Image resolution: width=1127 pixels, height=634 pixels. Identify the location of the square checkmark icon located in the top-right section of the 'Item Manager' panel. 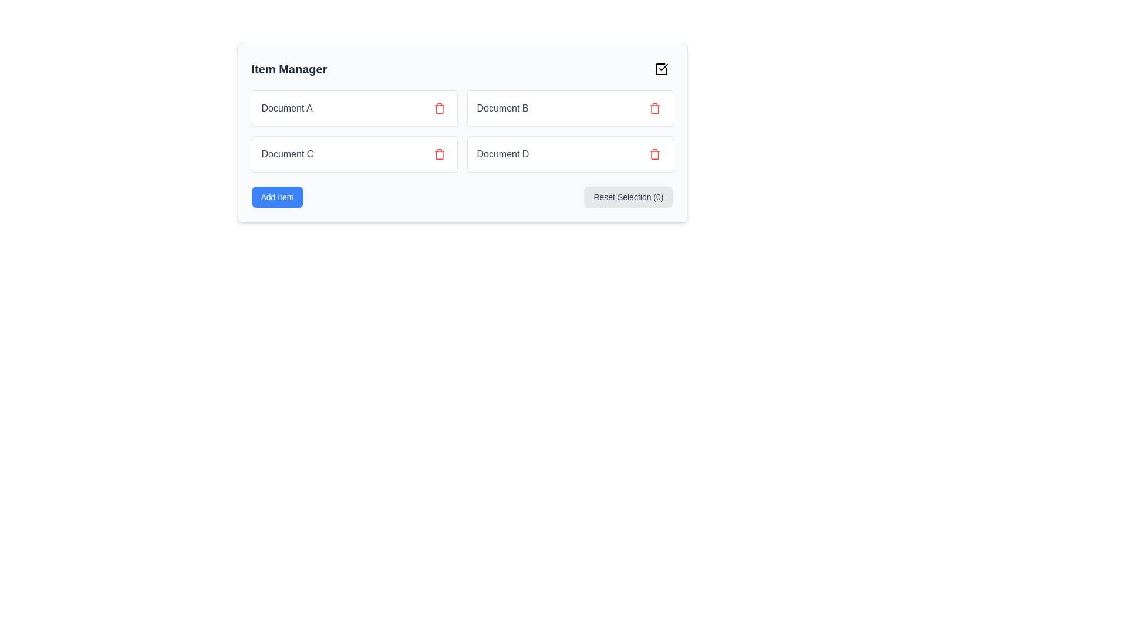
(661, 69).